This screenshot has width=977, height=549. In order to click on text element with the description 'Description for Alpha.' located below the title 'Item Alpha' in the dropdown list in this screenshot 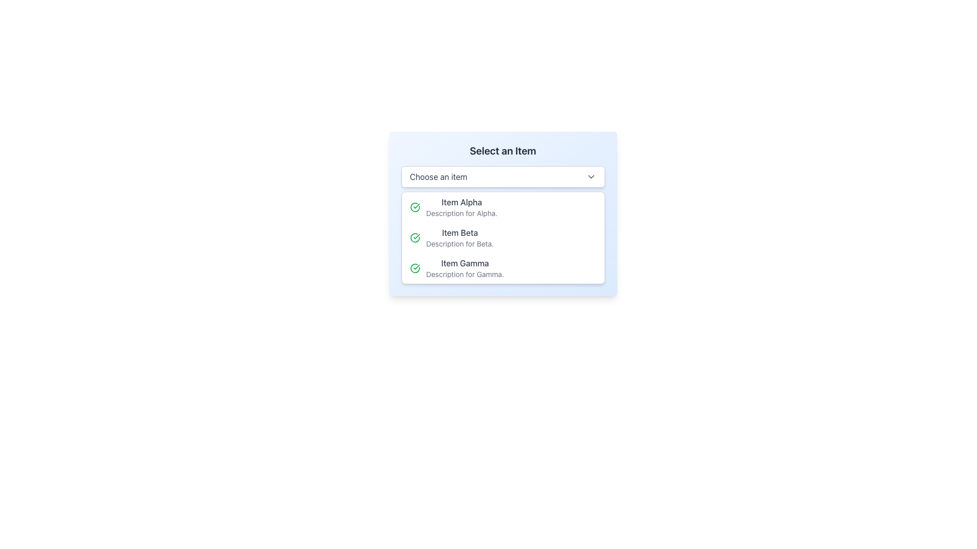, I will do `click(461, 213)`.